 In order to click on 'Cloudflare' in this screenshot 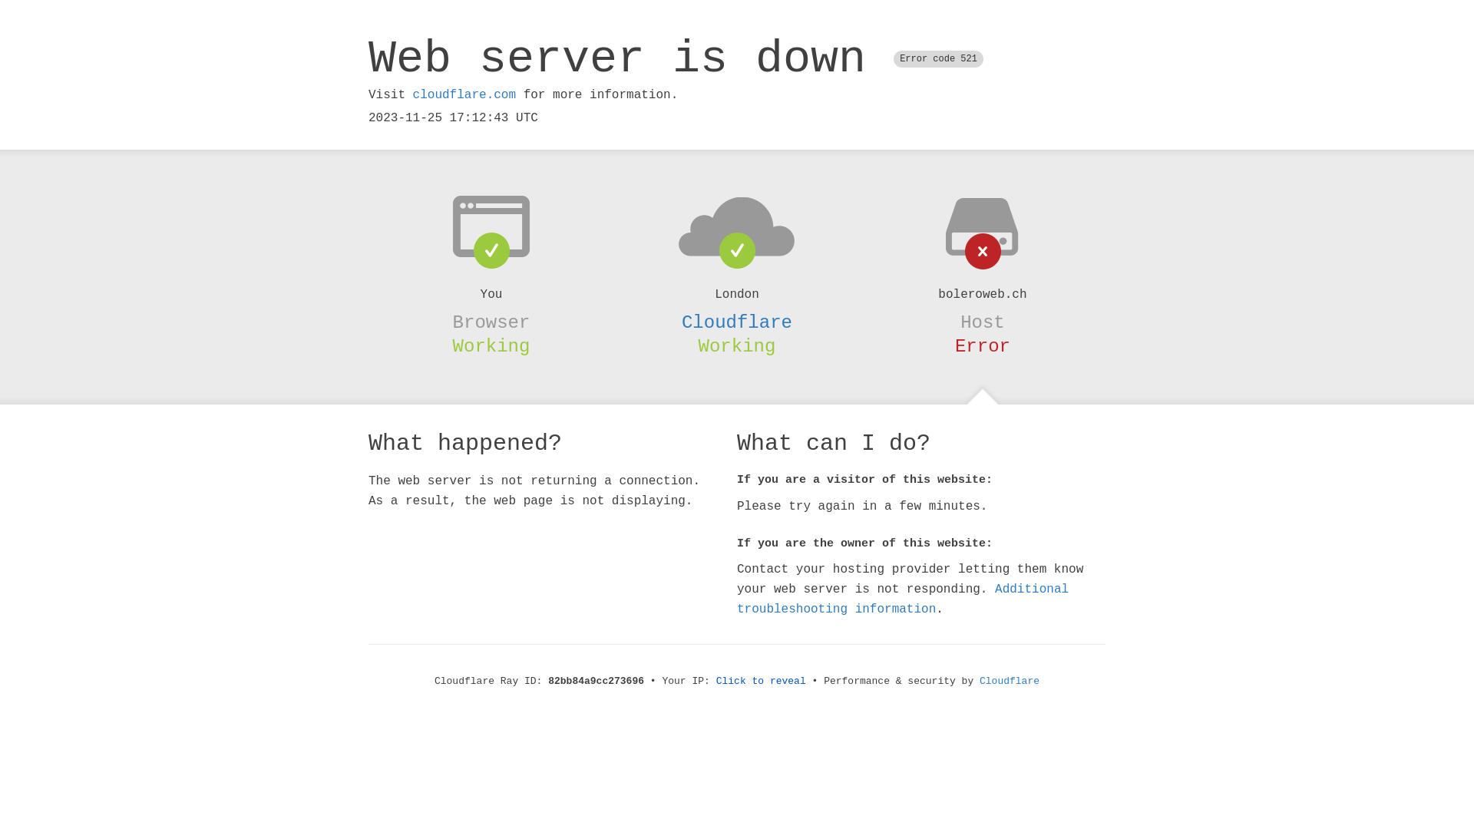, I will do `click(737, 322)`.